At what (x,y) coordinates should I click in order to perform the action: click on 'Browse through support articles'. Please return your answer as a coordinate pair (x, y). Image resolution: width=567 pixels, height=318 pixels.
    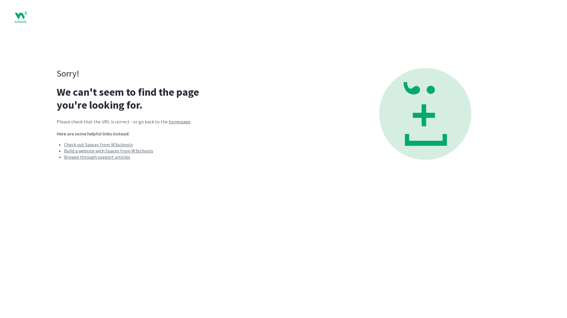
    Looking at the image, I should click on (97, 156).